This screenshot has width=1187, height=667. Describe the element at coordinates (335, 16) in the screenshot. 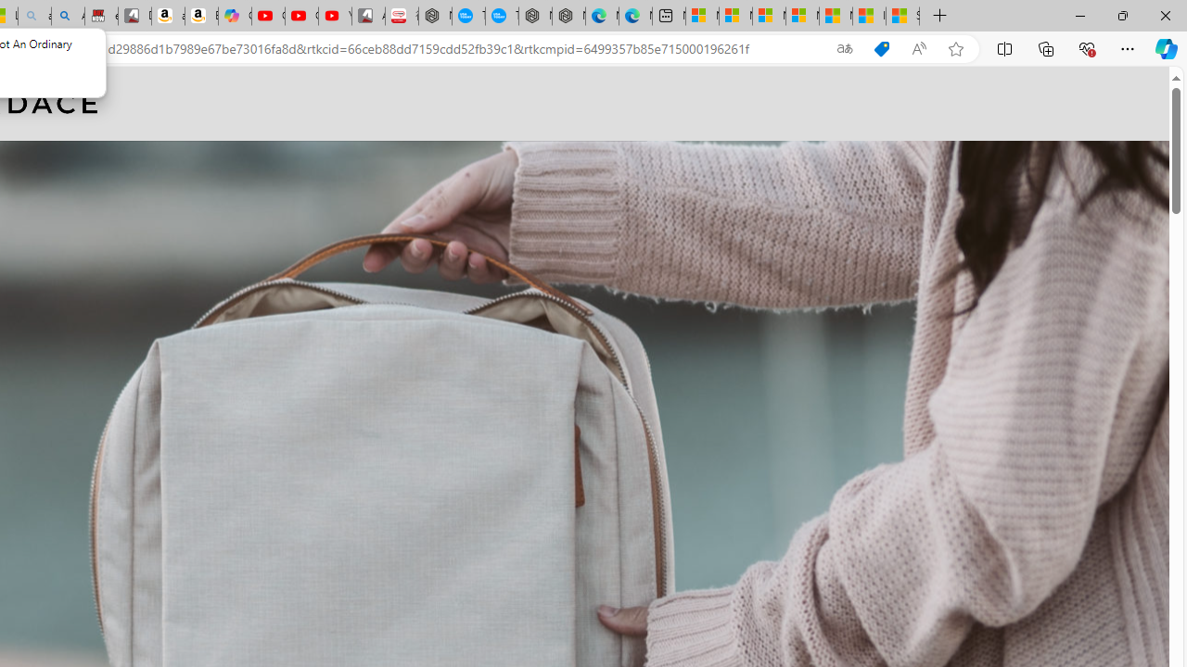

I see `'YouTube Kids - An App Created for Kids to Explore Content'` at that location.